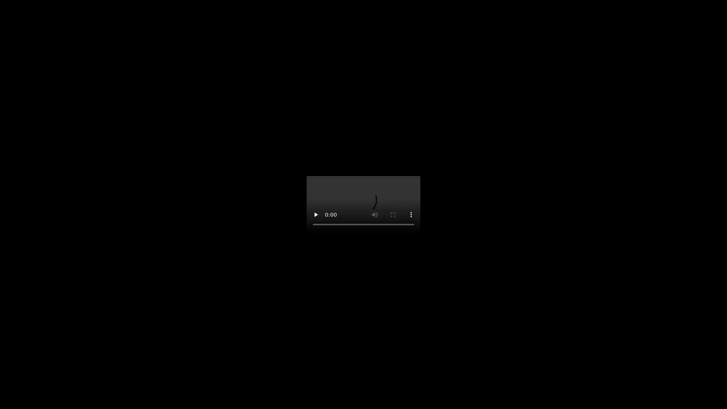 This screenshot has width=727, height=409. I want to click on show more media controls, so click(410, 215).